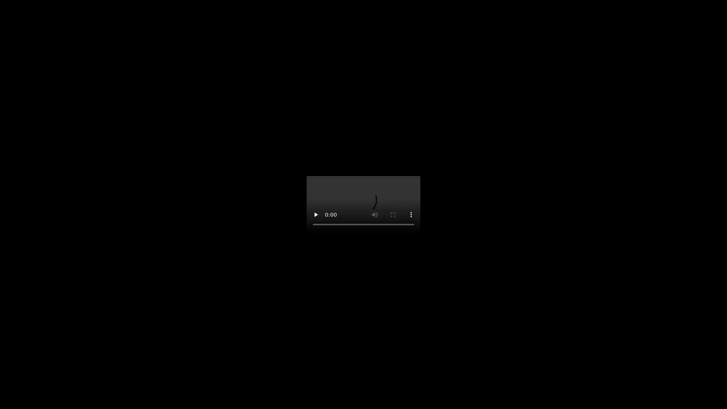 This screenshot has width=727, height=409. I want to click on show more media controls, so click(410, 215).